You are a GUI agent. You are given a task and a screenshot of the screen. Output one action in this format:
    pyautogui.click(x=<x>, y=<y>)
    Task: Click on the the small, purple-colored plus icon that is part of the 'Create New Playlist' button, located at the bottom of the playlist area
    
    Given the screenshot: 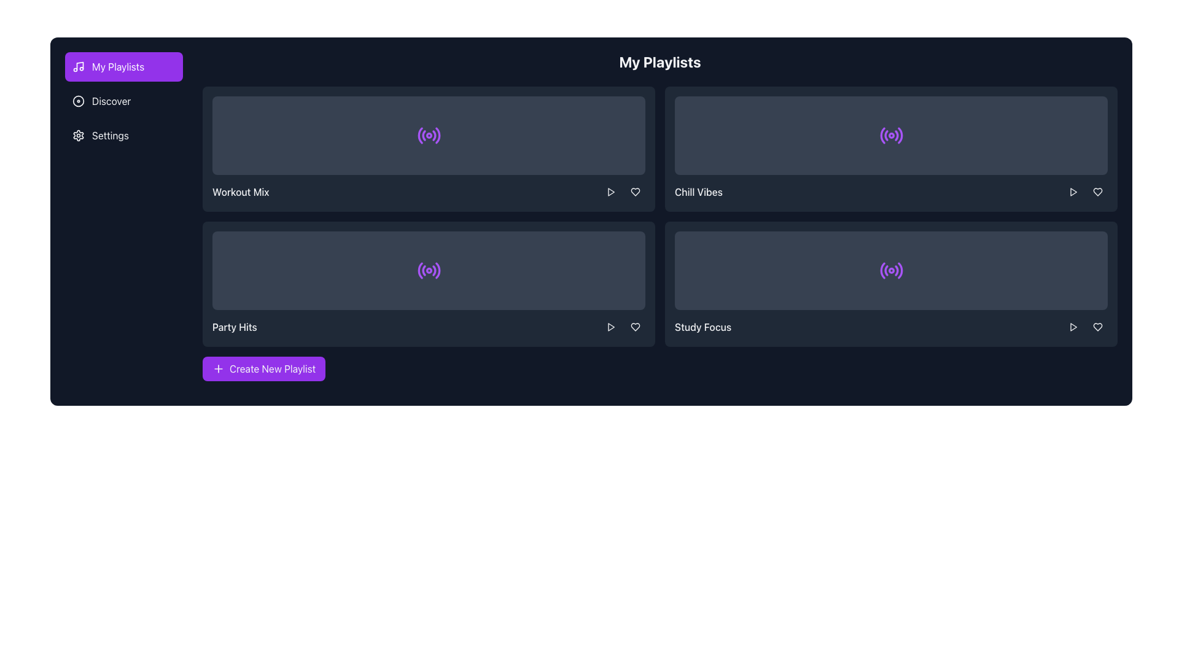 What is the action you would take?
    pyautogui.click(x=218, y=368)
    